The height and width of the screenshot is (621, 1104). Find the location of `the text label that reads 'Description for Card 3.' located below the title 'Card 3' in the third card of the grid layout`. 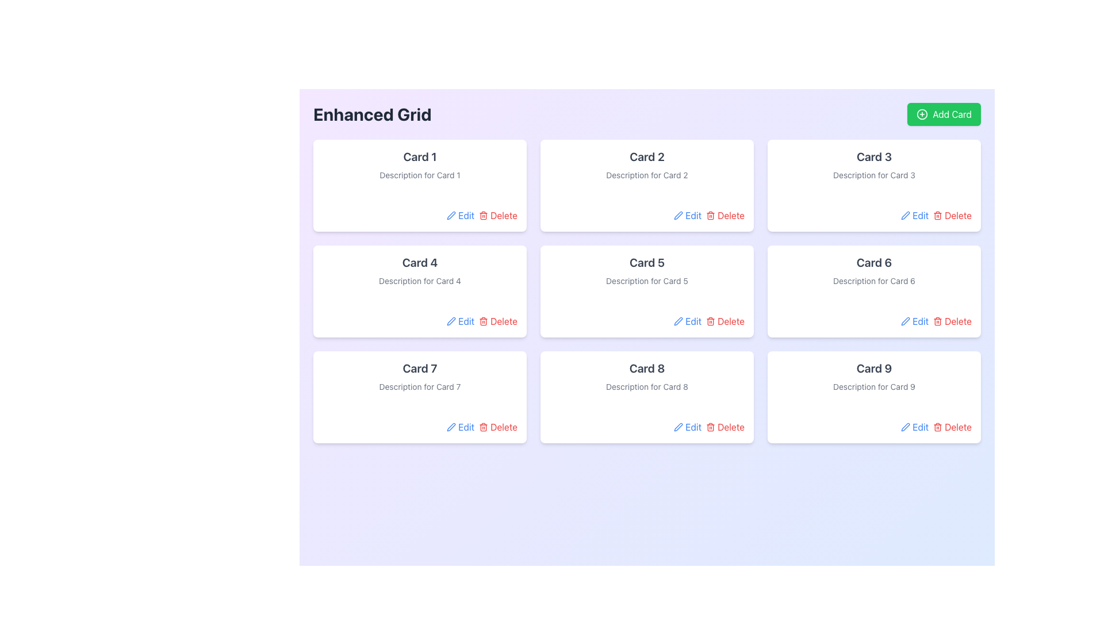

the text label that reads 'Description for Card 3.' located below the title 'Card 3' in the third card of the grid layout is located at coordinates (874, 175).